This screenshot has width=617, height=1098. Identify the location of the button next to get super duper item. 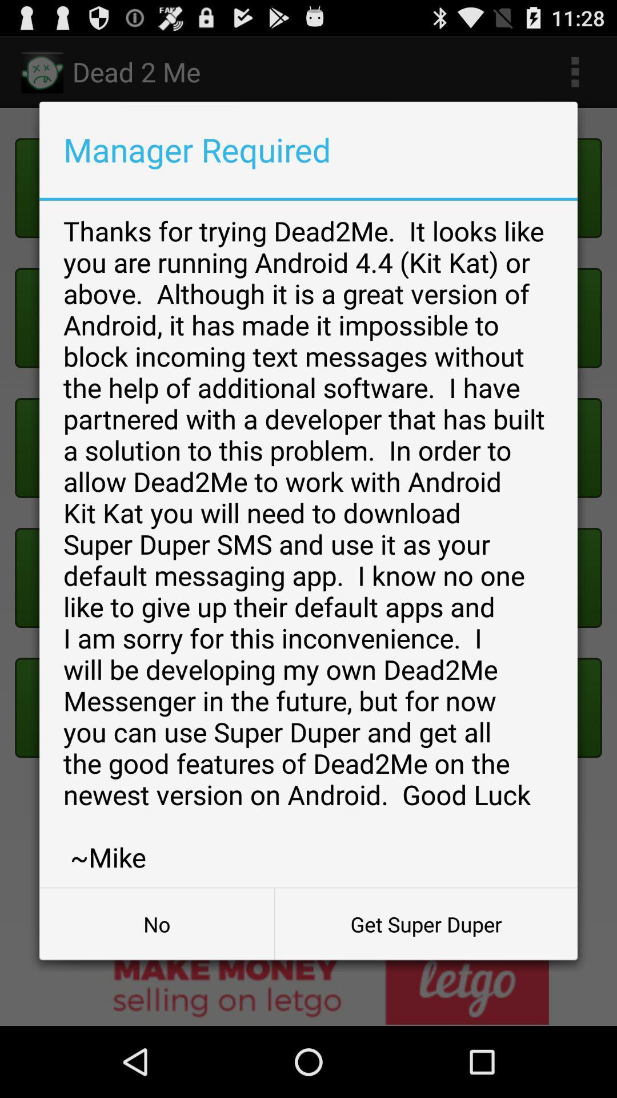
(157, 924).